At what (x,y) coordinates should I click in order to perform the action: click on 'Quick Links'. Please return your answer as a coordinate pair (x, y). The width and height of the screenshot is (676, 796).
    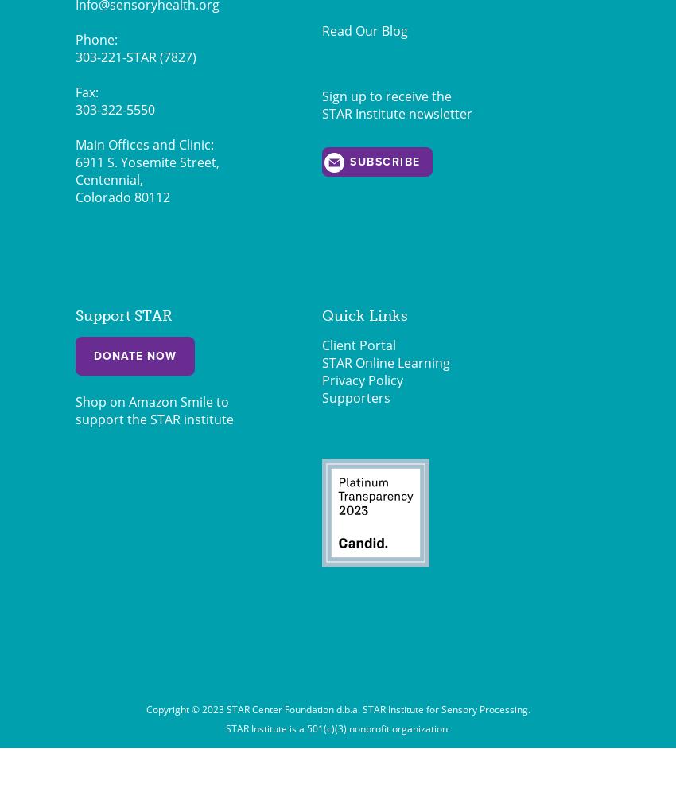
    Looking at the image, I should click on (364, 315).